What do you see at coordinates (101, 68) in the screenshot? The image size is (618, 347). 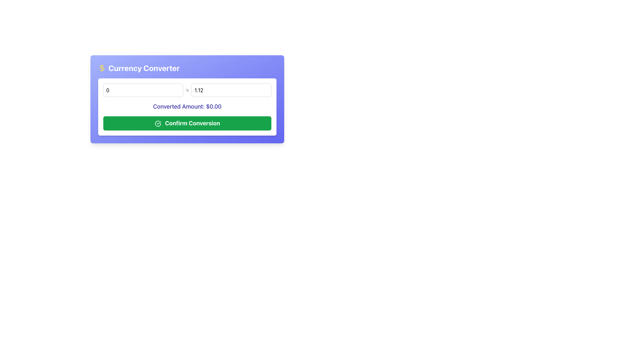 I see `the yellow-colored dollar sign icon located to the left of the 'Currency Converter' text` at bounding box center [101, 68].